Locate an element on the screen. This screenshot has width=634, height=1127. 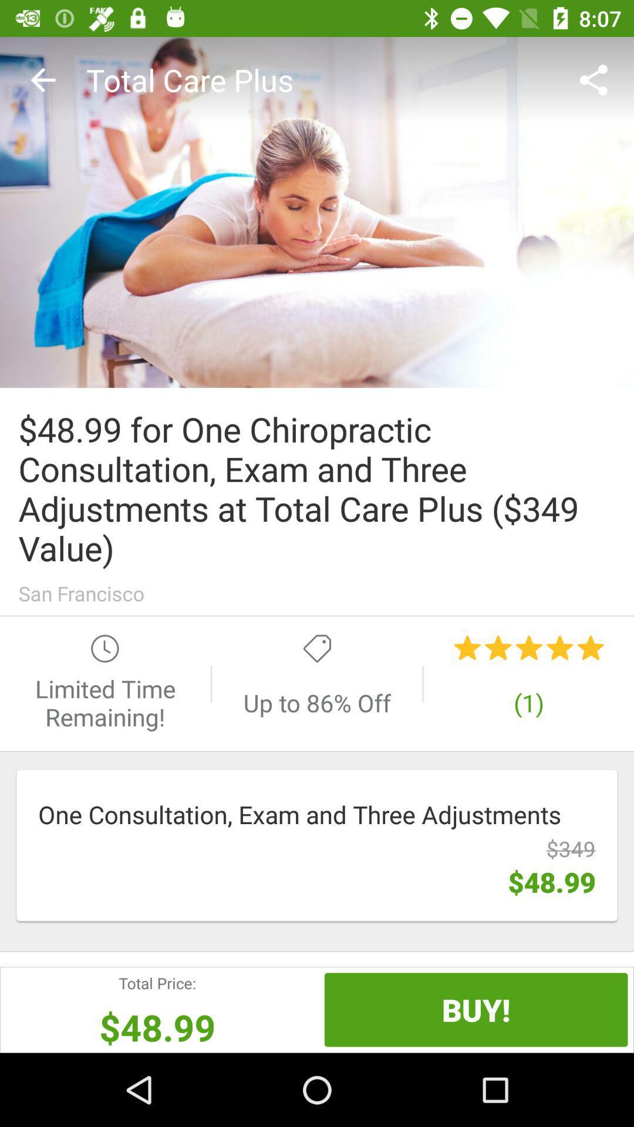
the item next to the total care plus is located at coordinates (597, 79).